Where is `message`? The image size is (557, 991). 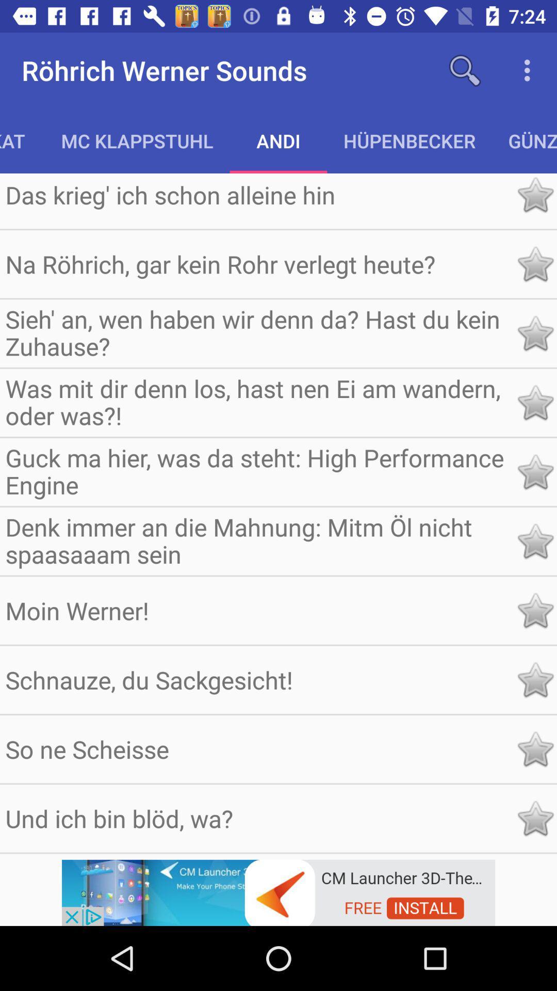
message is located at coordinates (534, 749).